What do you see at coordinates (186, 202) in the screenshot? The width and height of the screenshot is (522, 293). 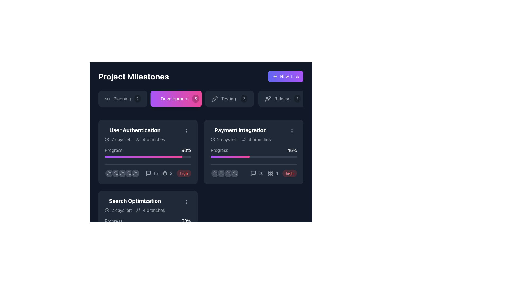 I see `the vertical ellipsis icon, which consists of three gray circular dots, located in the 'Search Optimization' section in the bottom-left card of the interface` at bounding box center [186, 202].